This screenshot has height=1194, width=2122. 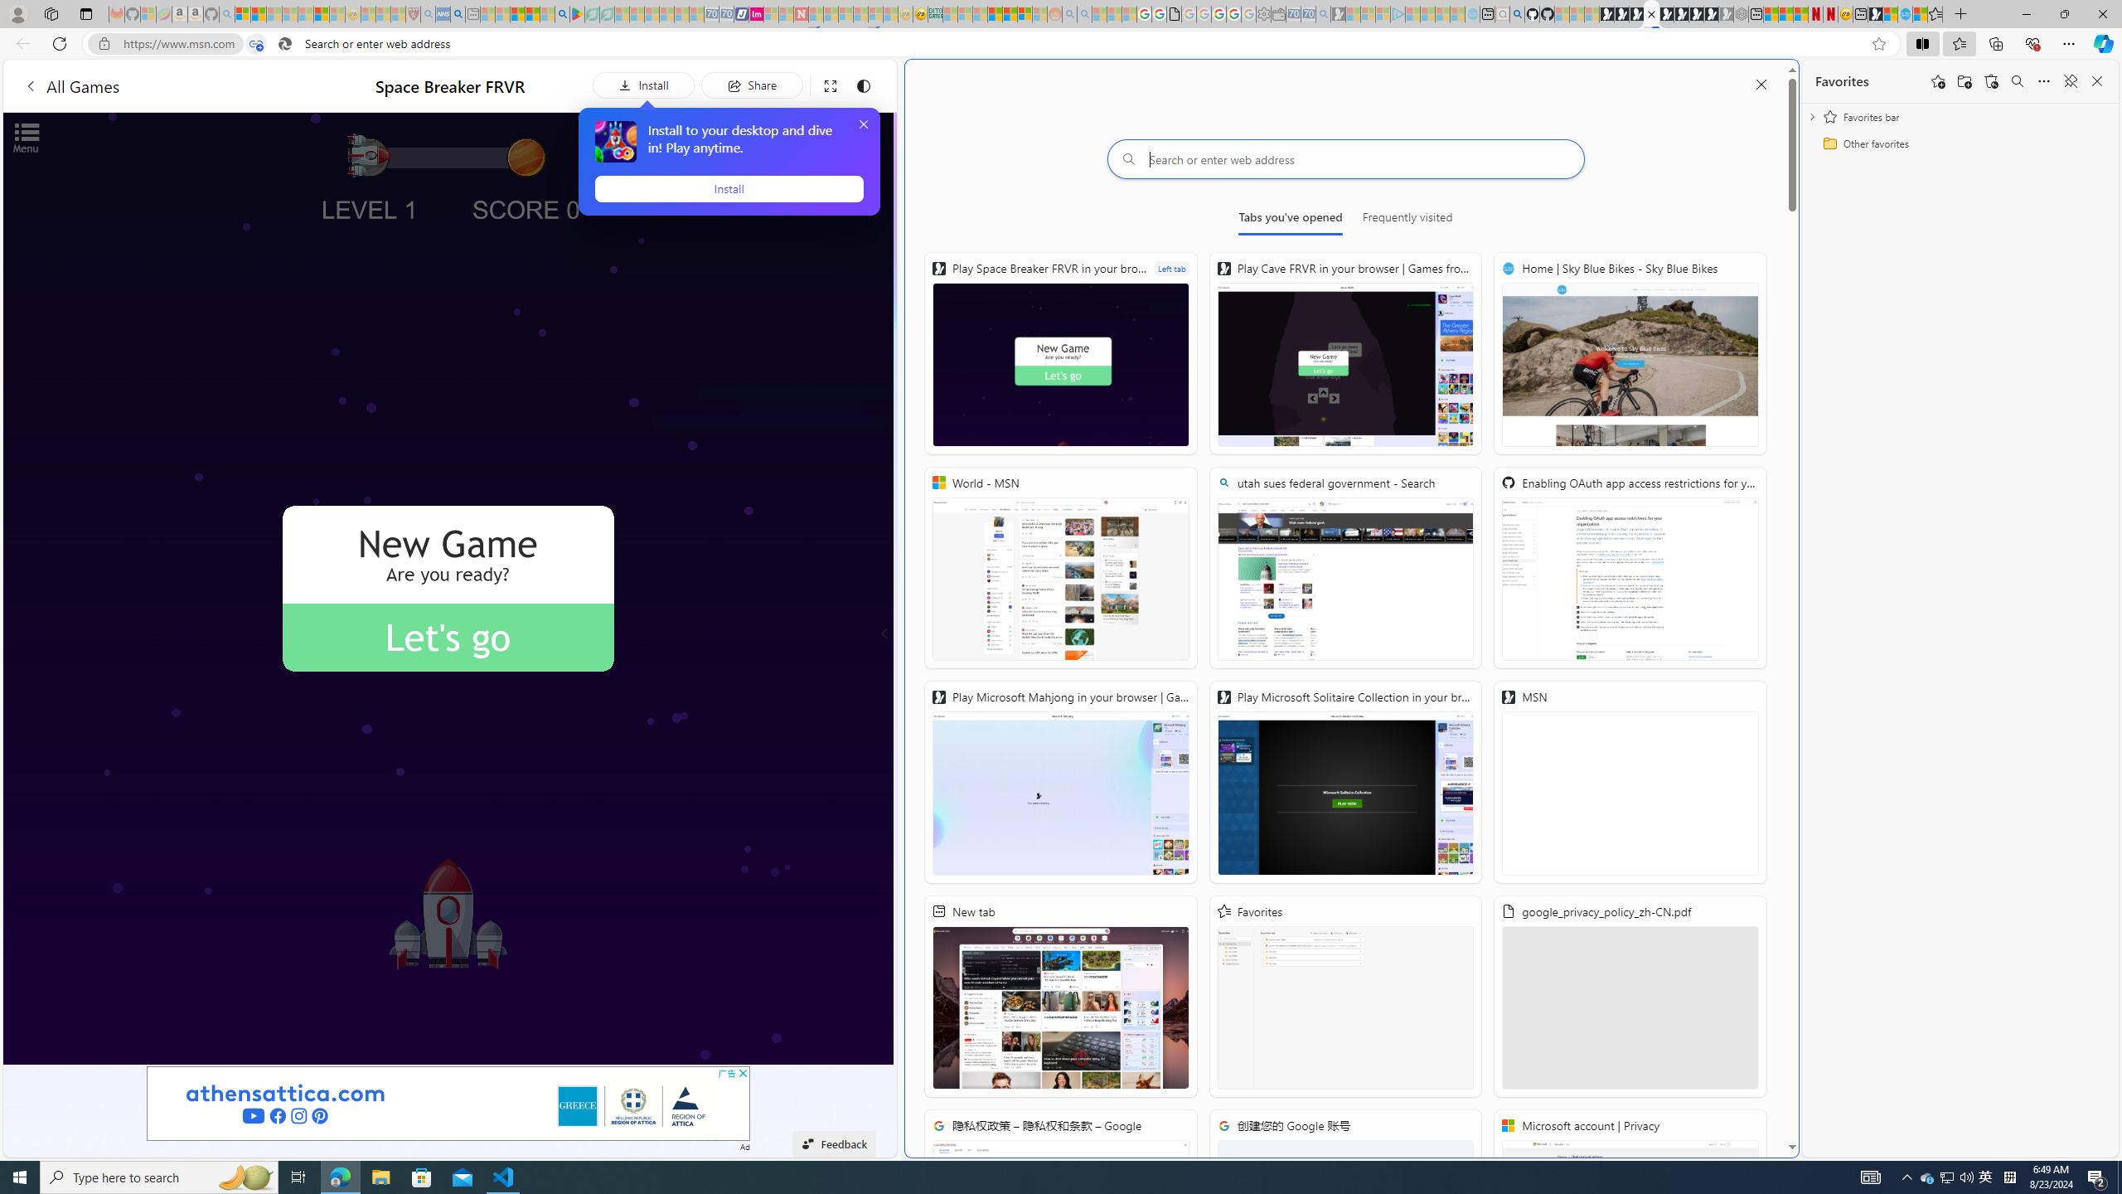 I want to click on 'New Report Confirms 2023 Was Record Hot | Watch - Sleeping', so click(x=304, y=13).